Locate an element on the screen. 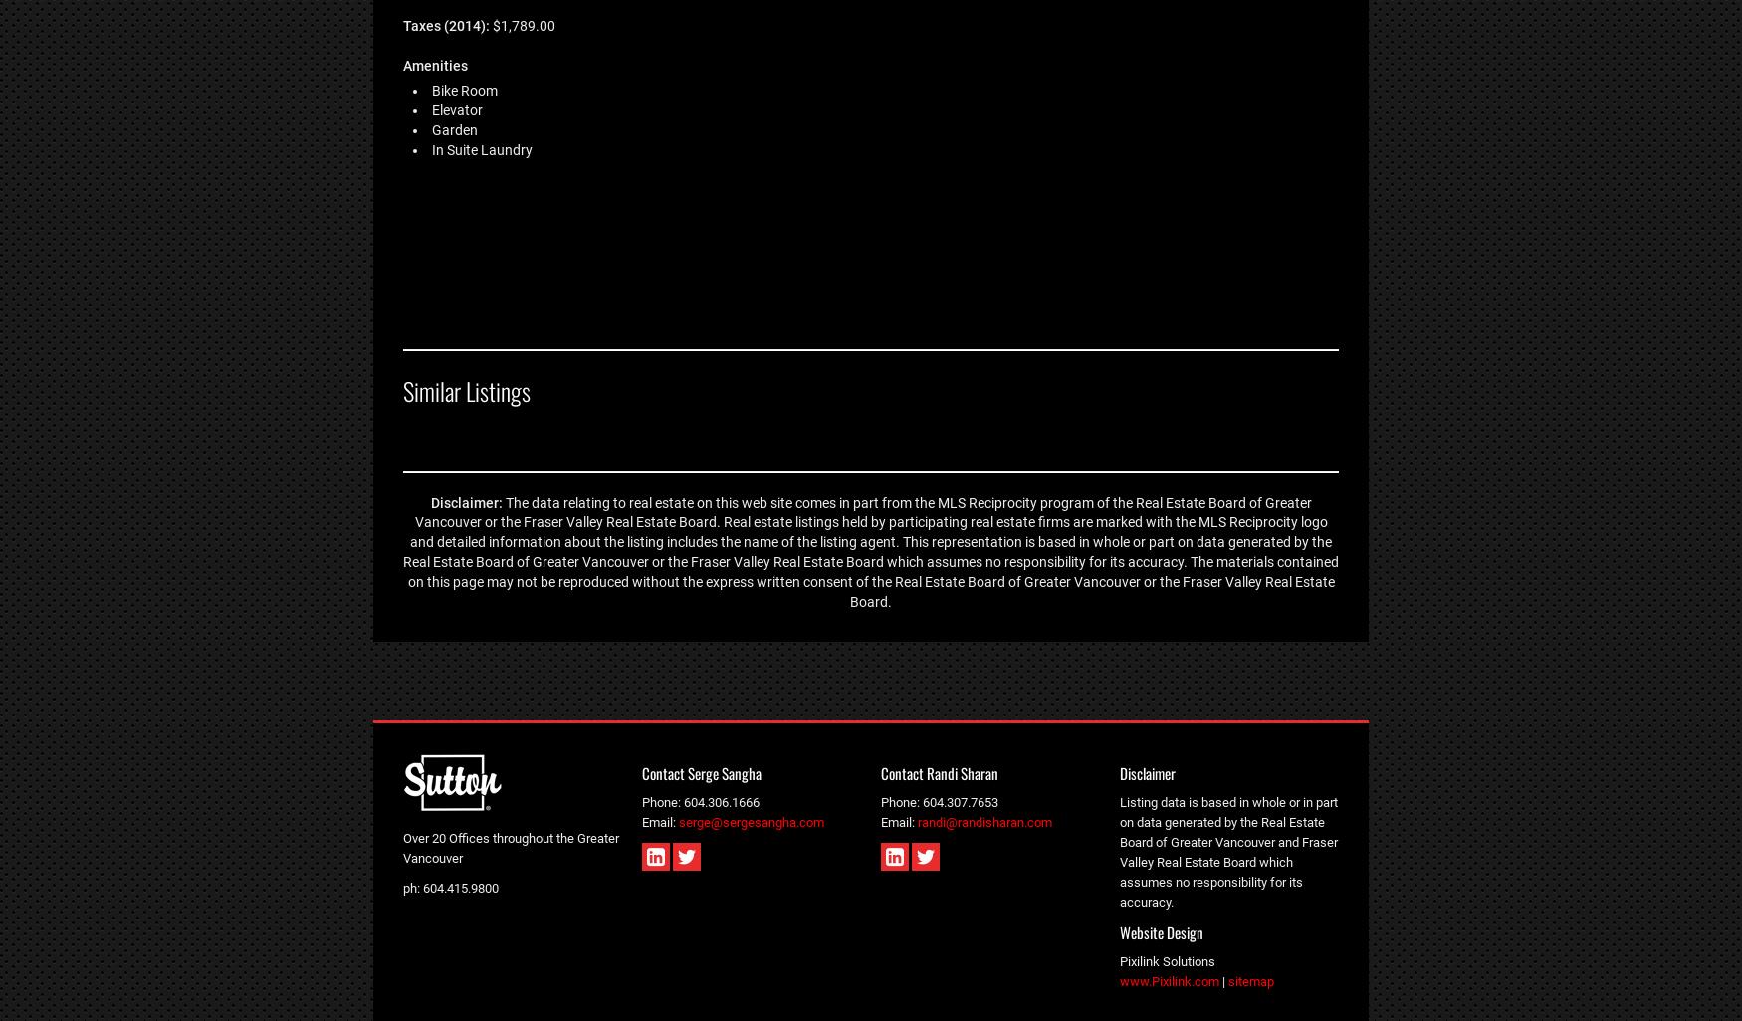  'Phone: 604.306.1666' is located at coordinates (701, 801).